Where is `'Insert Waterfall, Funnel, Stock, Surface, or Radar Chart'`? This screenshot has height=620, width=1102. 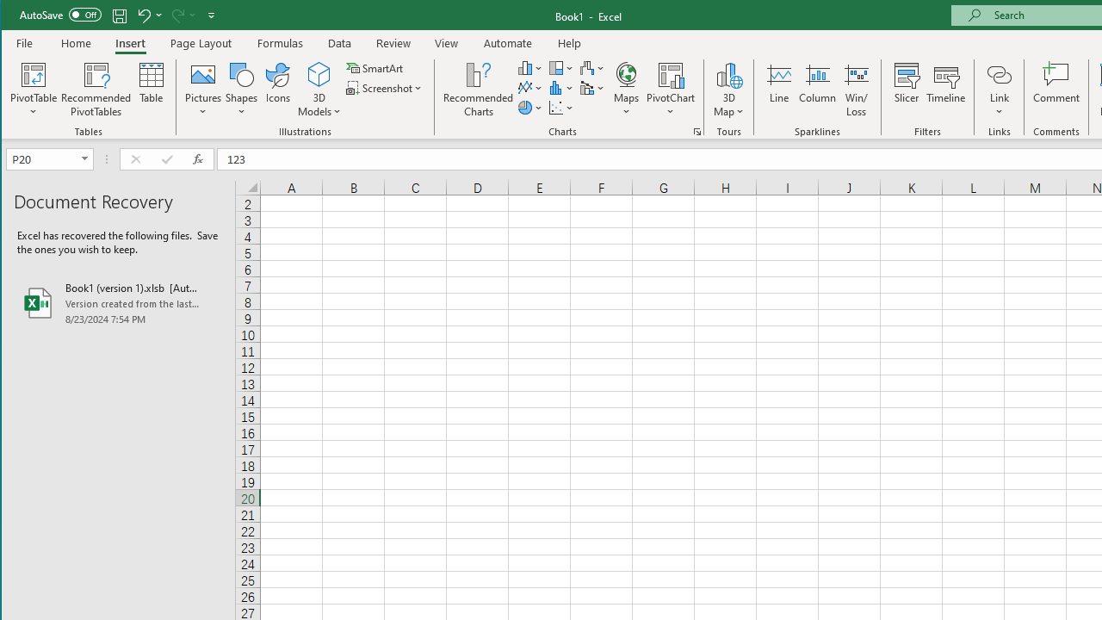
'Insert Waterfall, Funnel, Stock, Surface, or Radar Chart' is located at coordinates (592, 67).